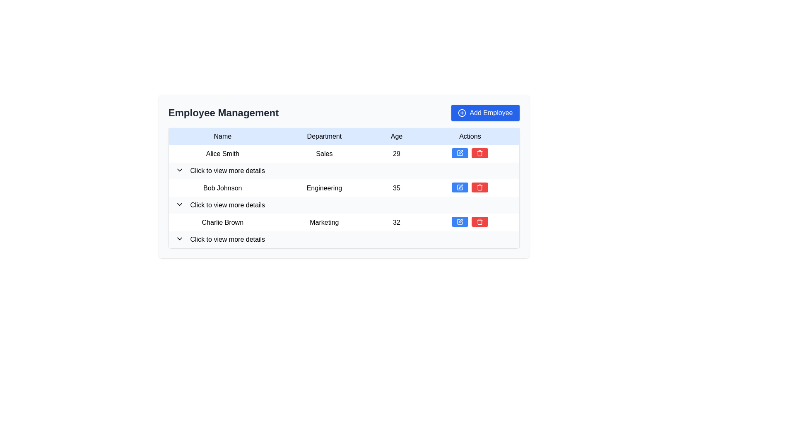  What do you see at coordinates (179, 204) in the screenshot?
I see `the down-facing chevron icon in the second row under the 'Name' column` at bounding box center [179, 204].